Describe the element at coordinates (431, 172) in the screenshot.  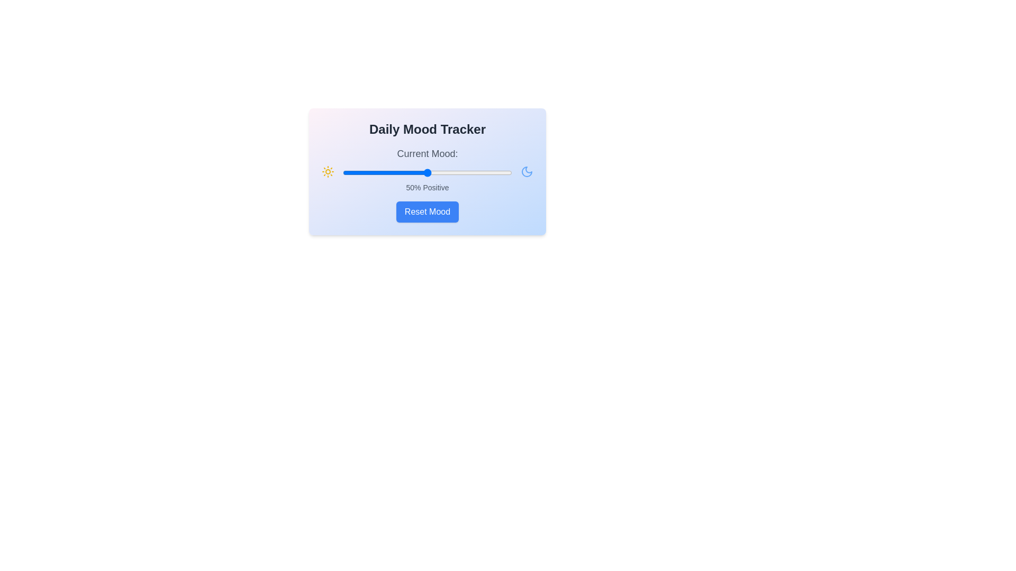
I see `mood rating` at that location.